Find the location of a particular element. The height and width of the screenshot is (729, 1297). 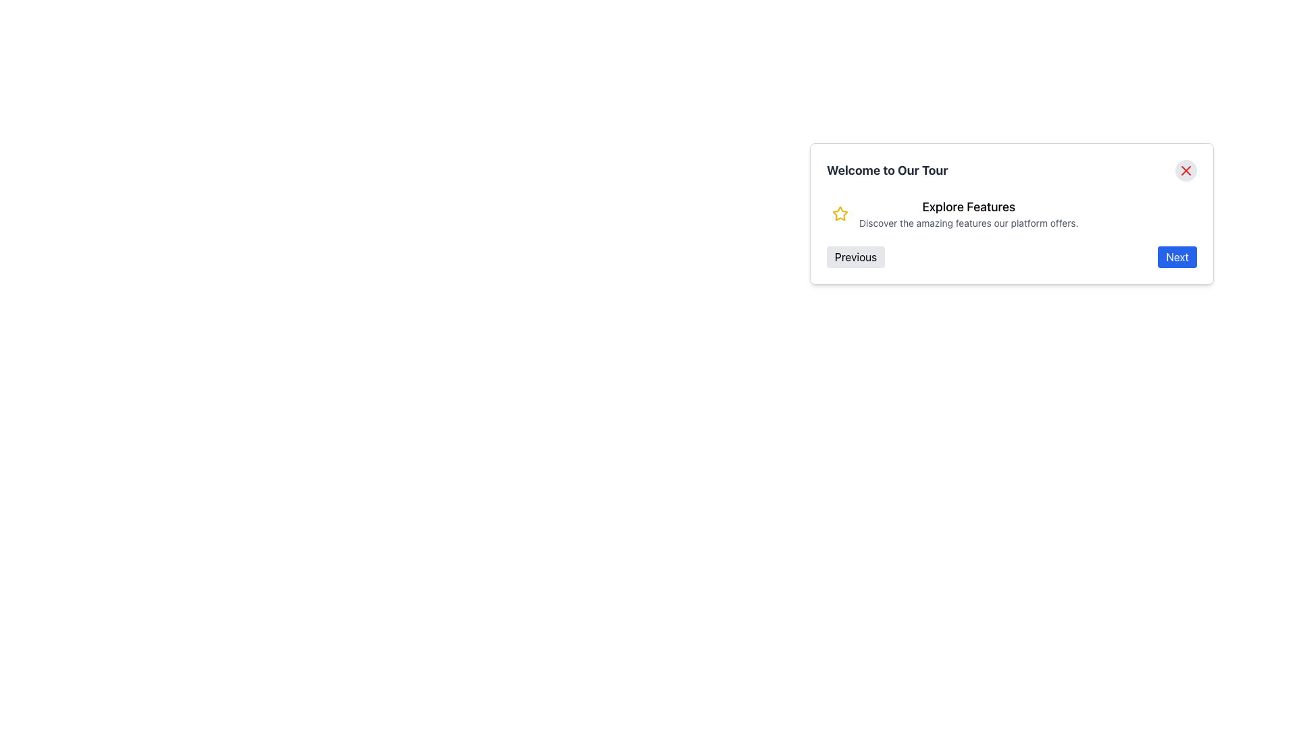

the 'Previous' button located in the bottom left of the dialog box is located at coordinates (855, 257).